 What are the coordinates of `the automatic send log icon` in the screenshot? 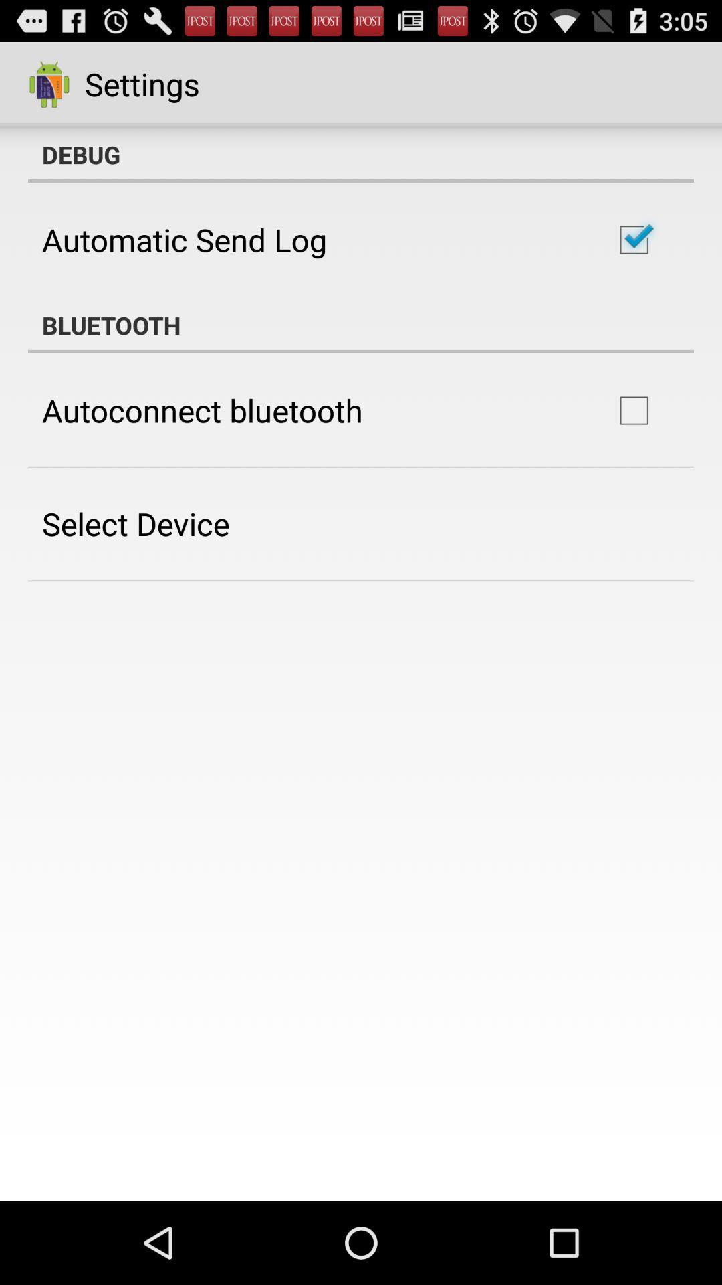 It's located at (185, 240).